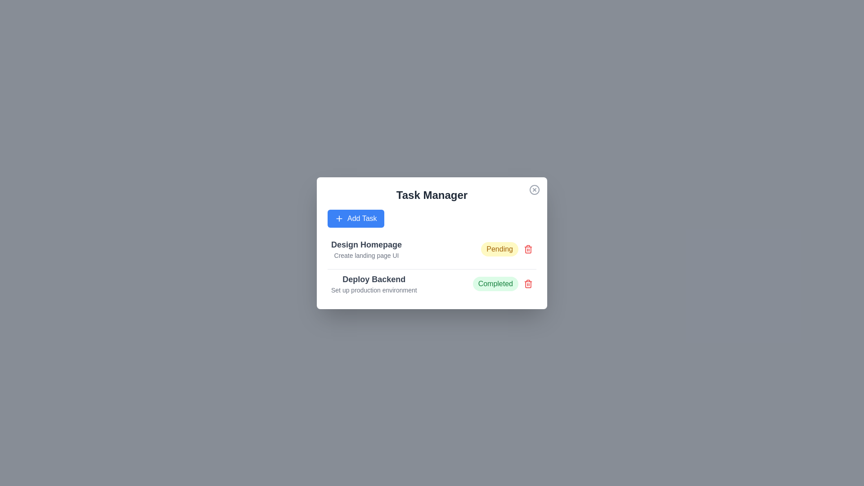 Image resolution: width=864 pixels, height=486 pixels. What do you see at coordinates (535, 189) in the screenshot?
I see `the Decorative Circle located in the top-right corner of the Task Manager interface, which enhances the visibility of the 'X' mark for closing the application` at bounding box center [535, 189].